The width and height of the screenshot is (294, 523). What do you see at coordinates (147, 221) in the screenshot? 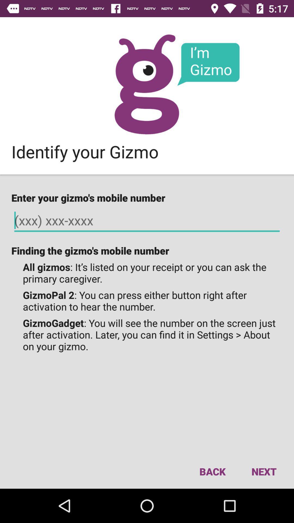
I see `the phone number` at bounding box center [147, 221].